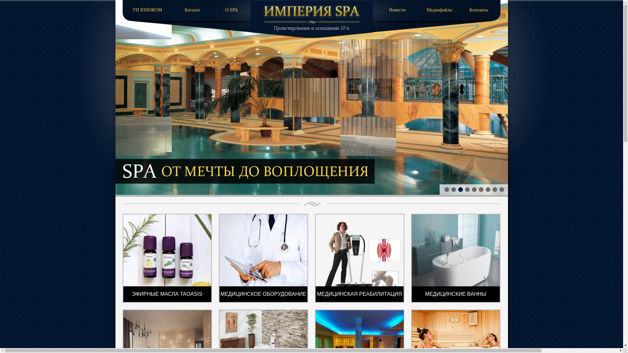 This screenshot has height=353, width=628. I want to click on '1', so click(446, 189).